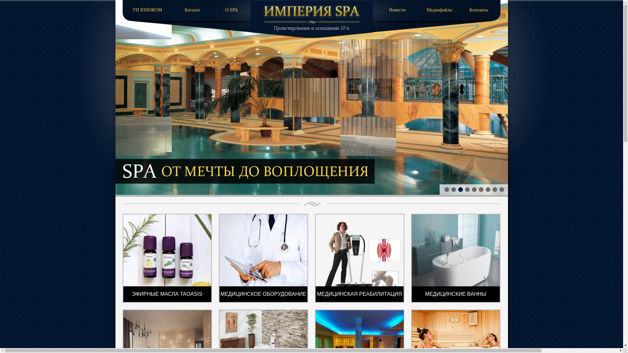 This screenshot has height=353, width=628. I want to click on '1', so click(446, 189).